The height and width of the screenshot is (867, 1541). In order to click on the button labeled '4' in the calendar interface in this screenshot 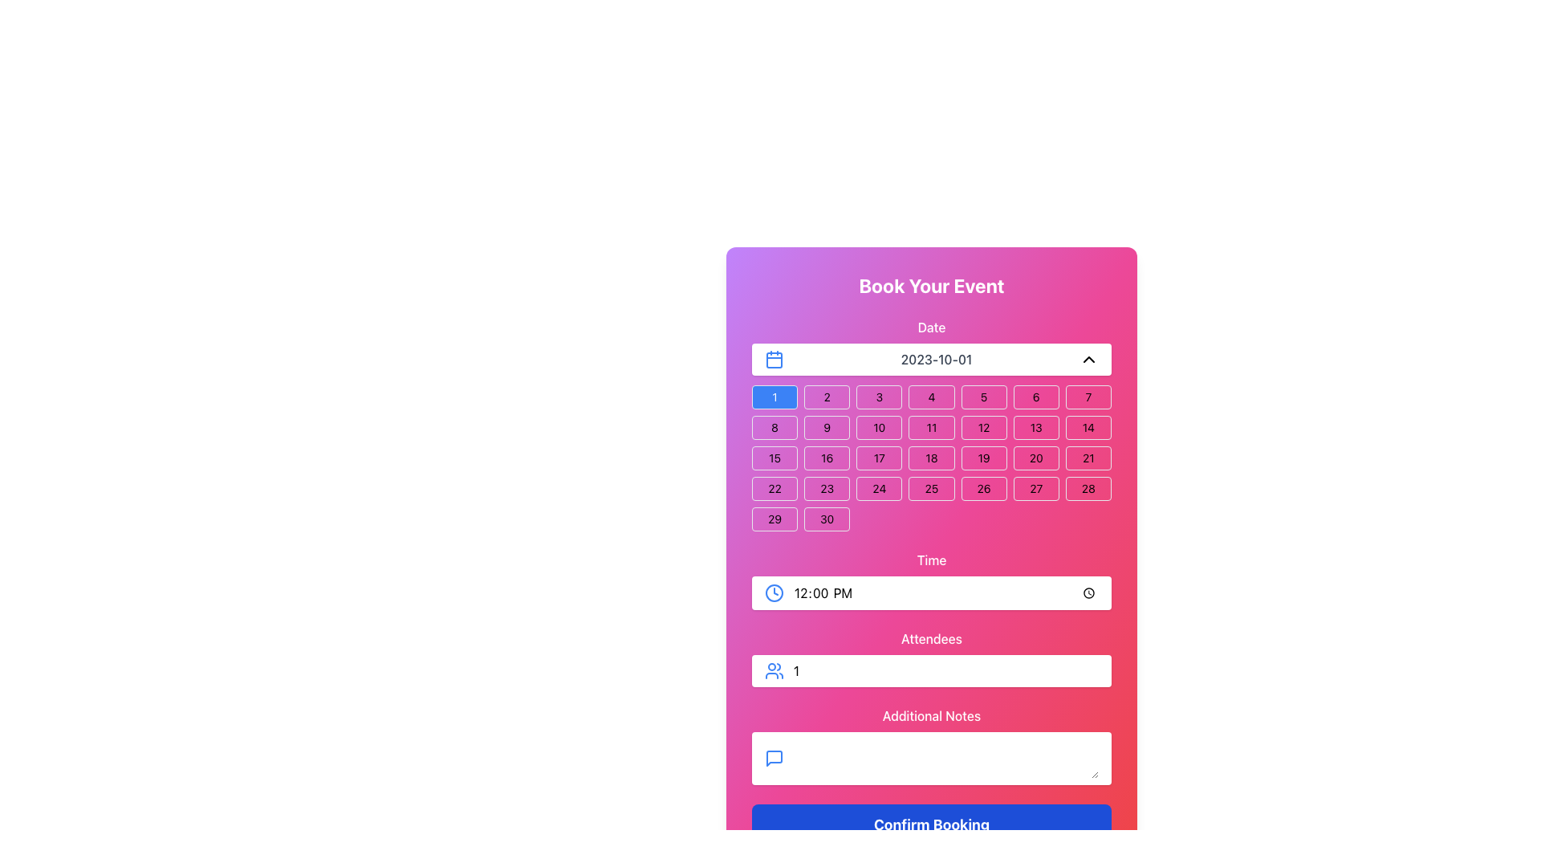, I will do `click(932, 397)`.